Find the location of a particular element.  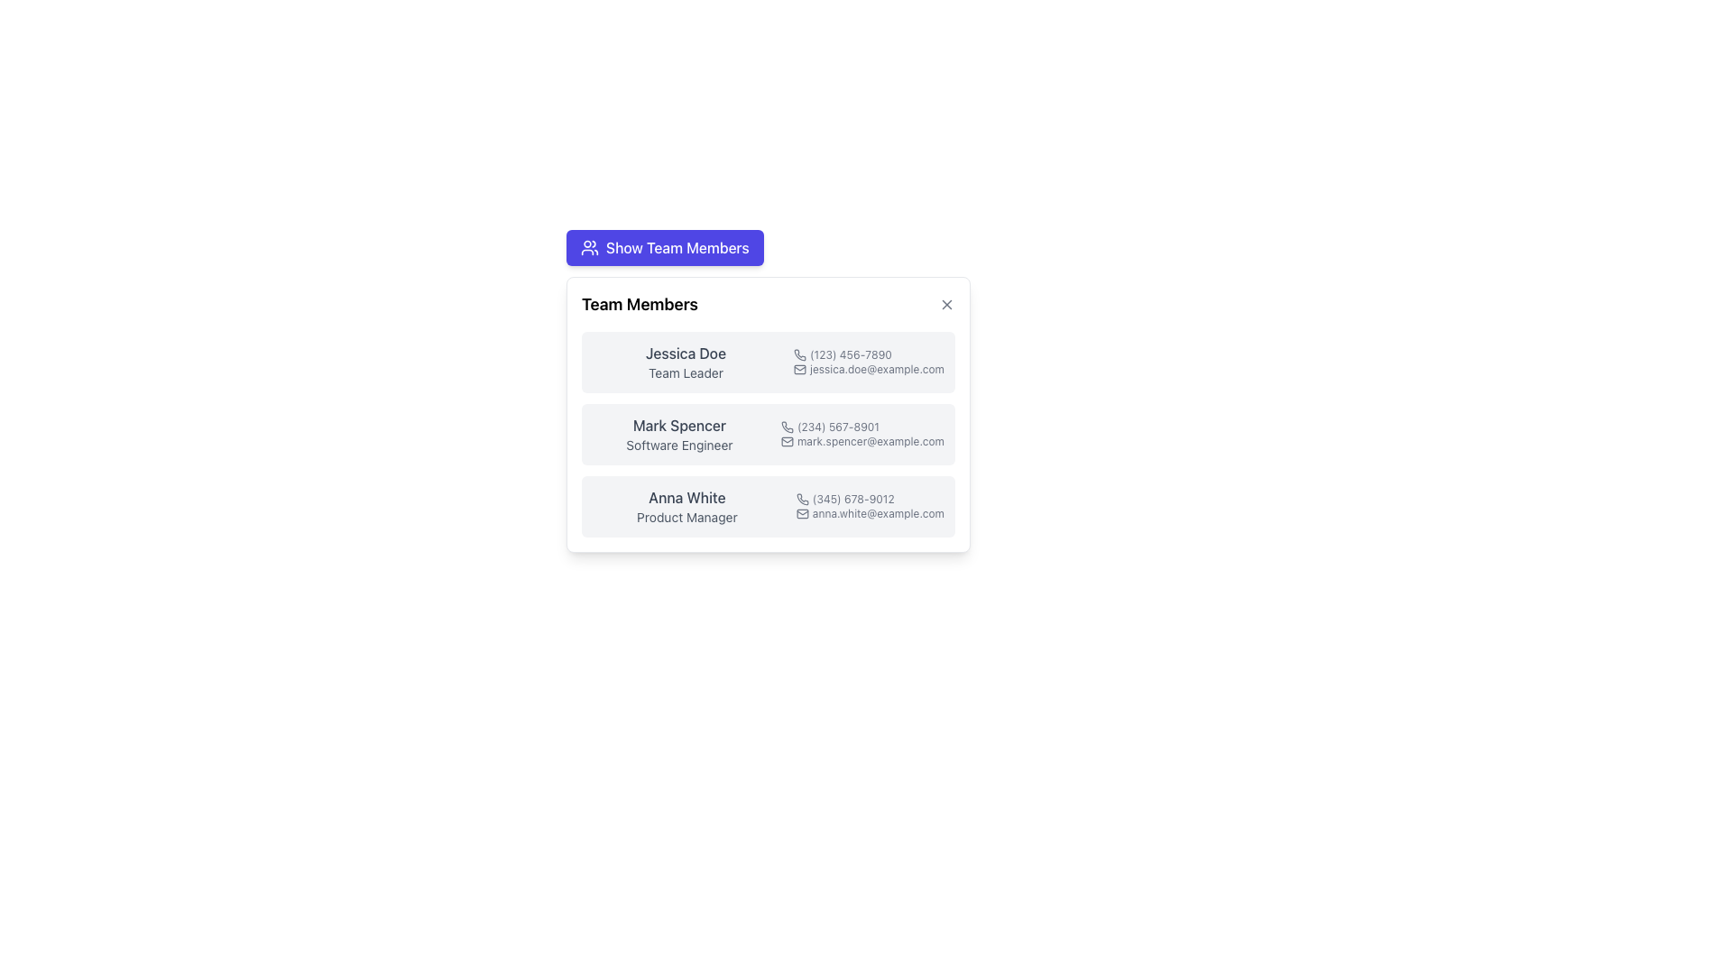

the text label displaying 'Anna White' in the 'Team Members' section, which is the first line of the third entry in the list is located at coordinates (686, 497).